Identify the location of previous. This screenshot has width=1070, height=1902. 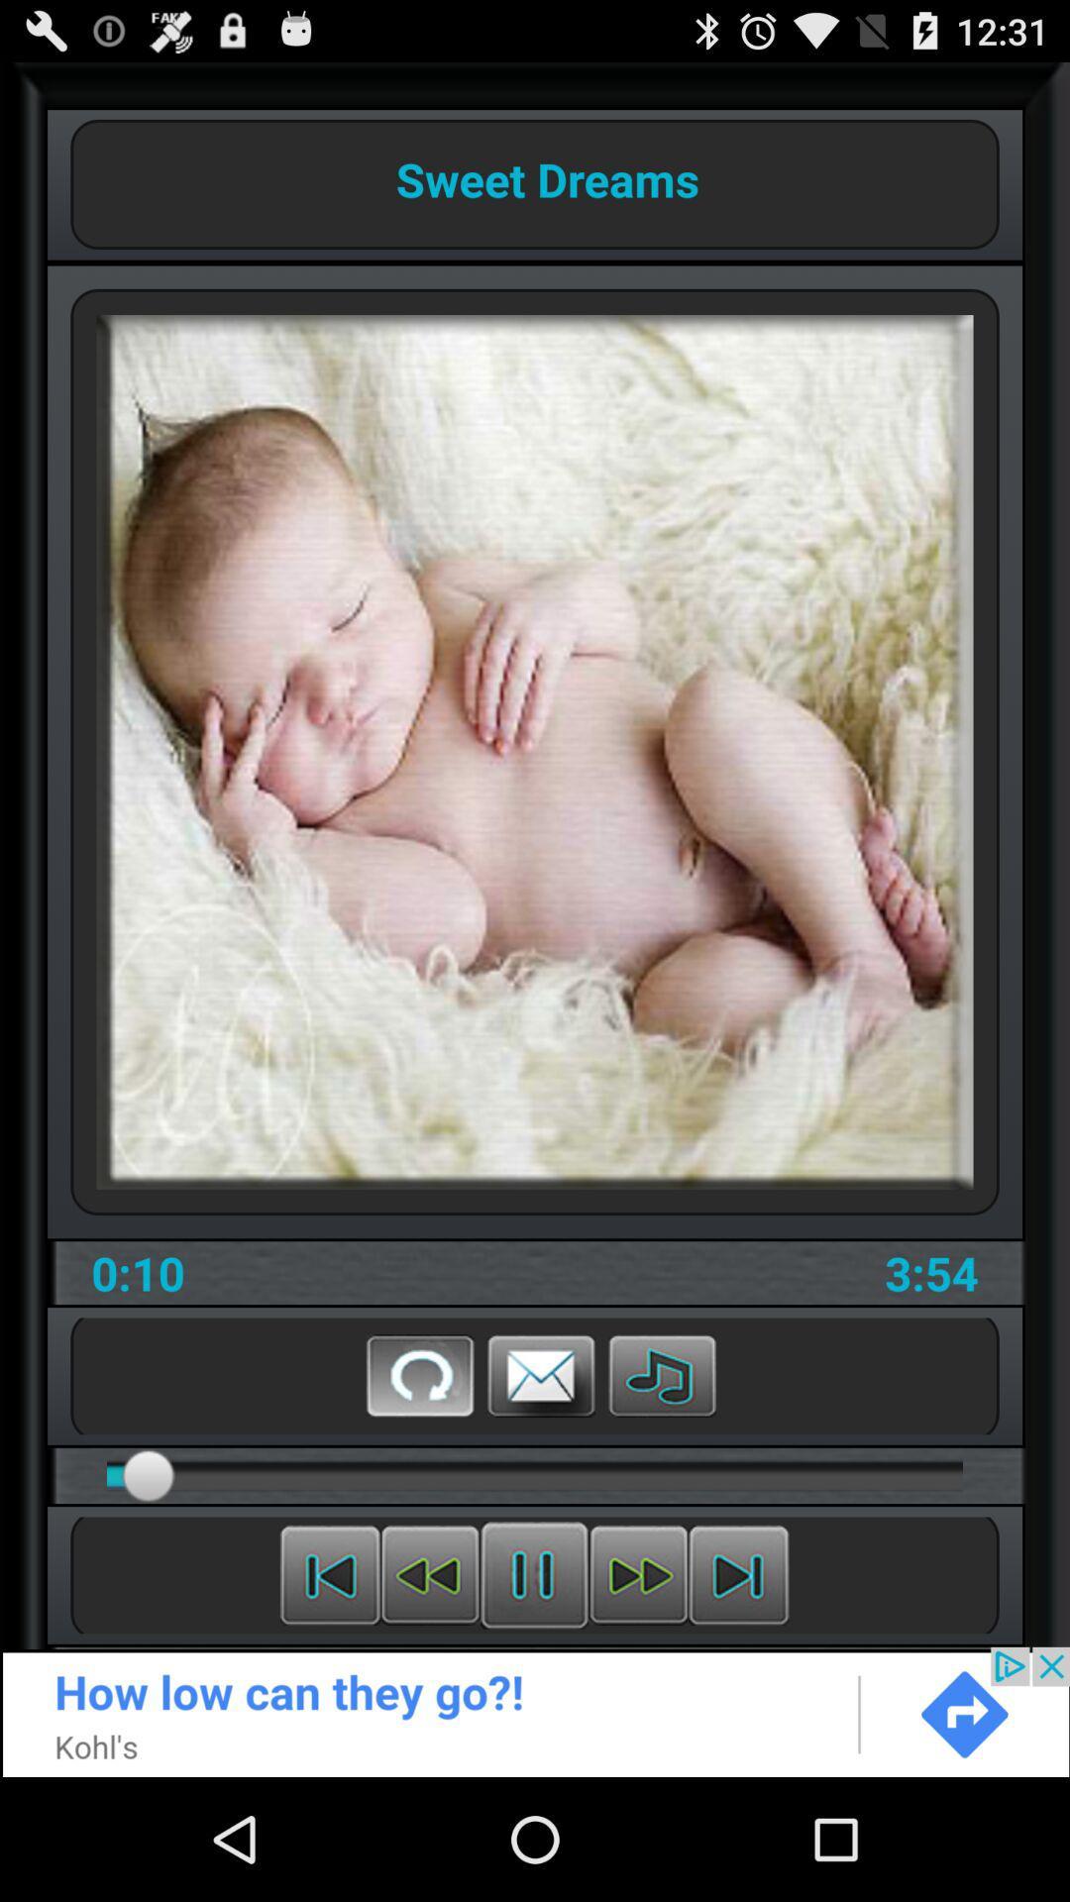
(429, 1574).